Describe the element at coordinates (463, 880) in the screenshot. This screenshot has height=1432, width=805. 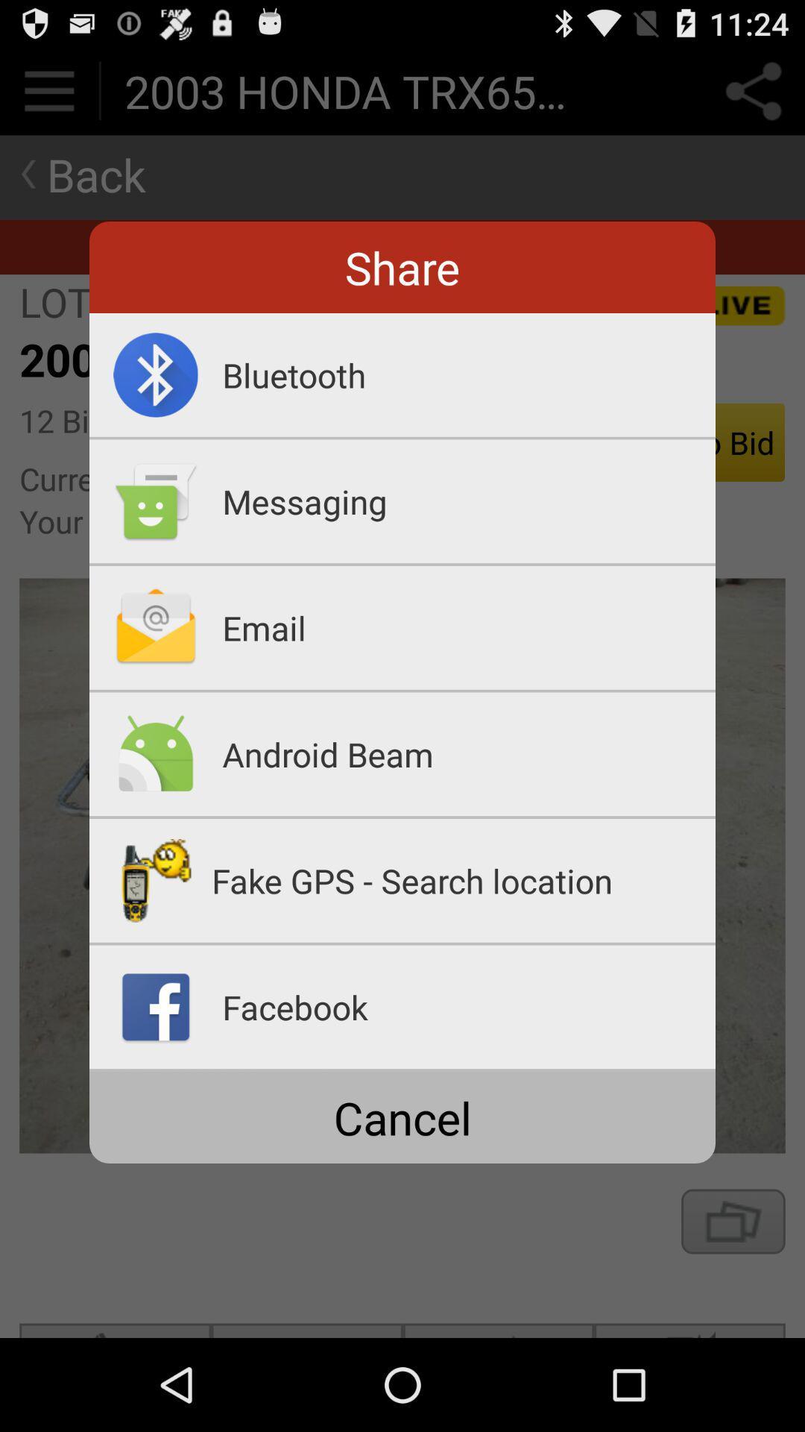
I see `fake gps search icon` at that location.